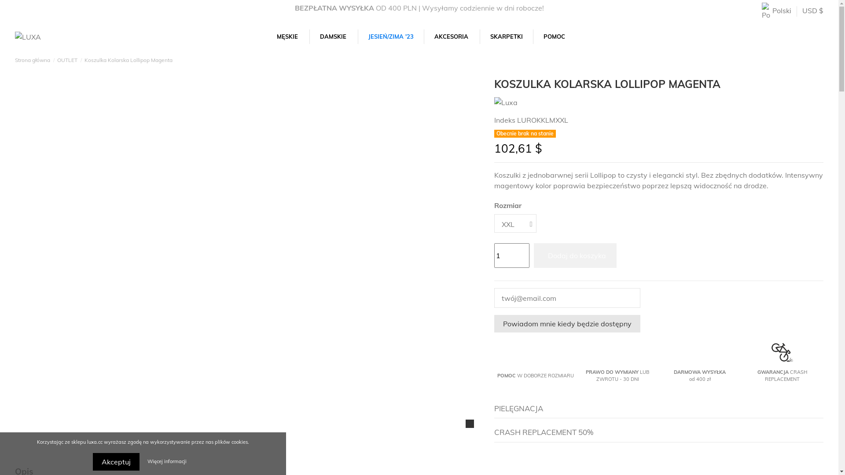 The image size is (845, 475). Describe the element at coordinates (116, 461) in the screenshot. I see `'Akceptuj'` at that location.